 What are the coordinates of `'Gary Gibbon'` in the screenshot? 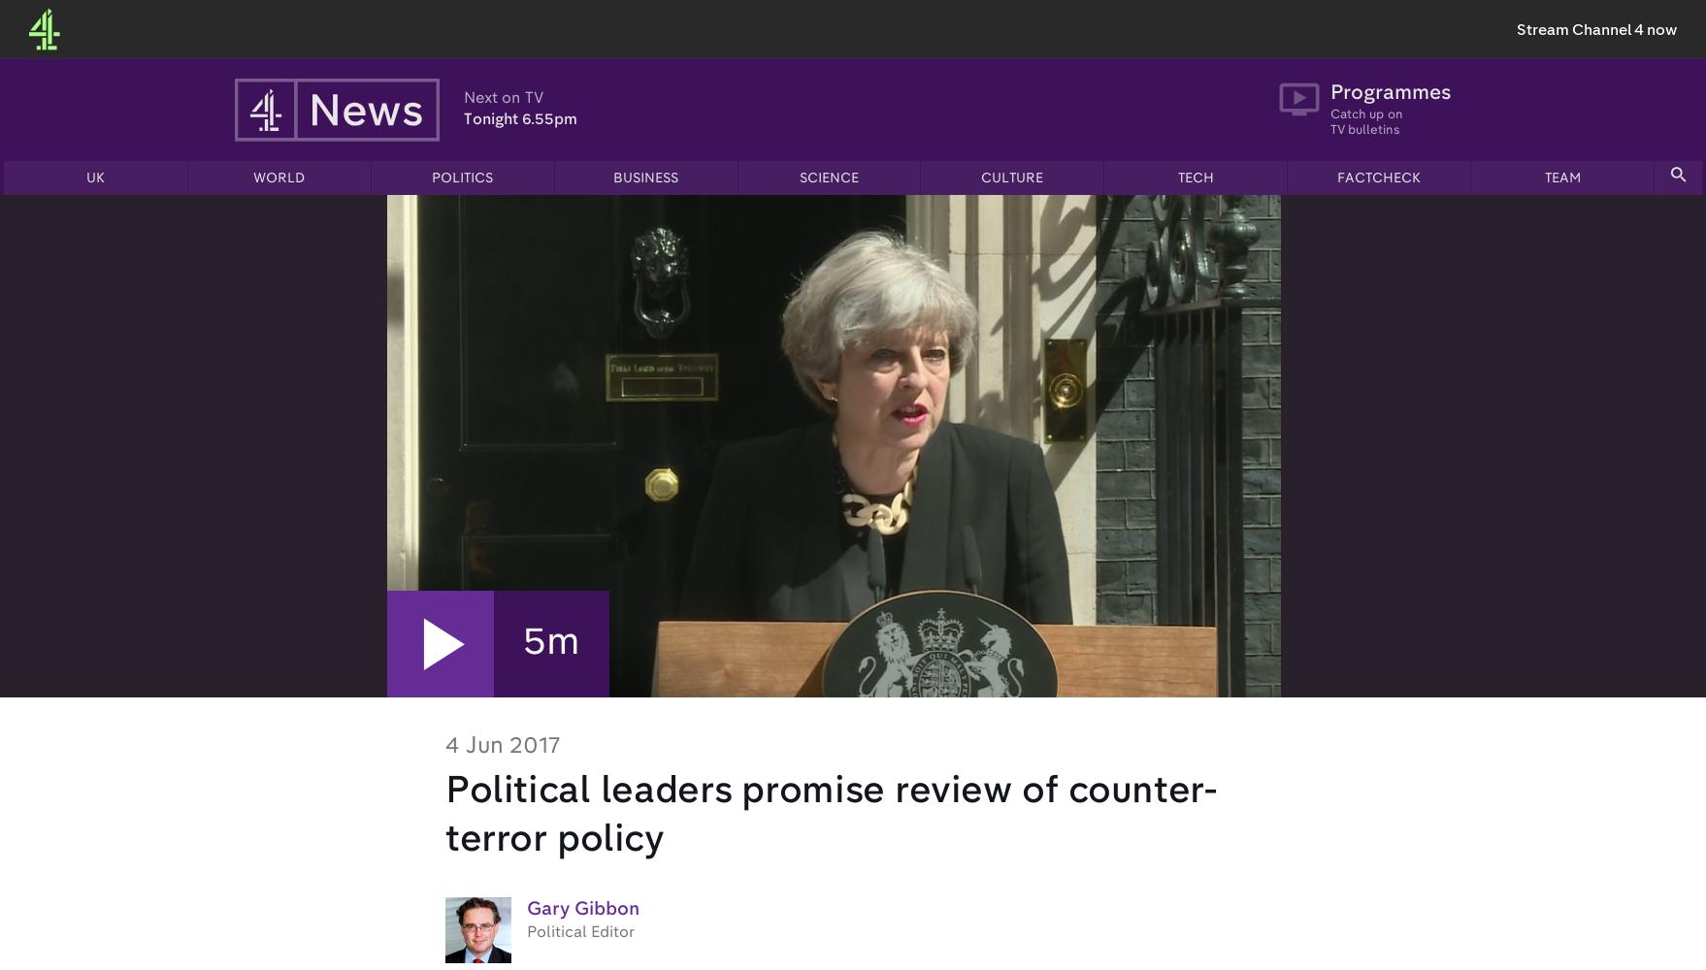 It's located at (526, 909).